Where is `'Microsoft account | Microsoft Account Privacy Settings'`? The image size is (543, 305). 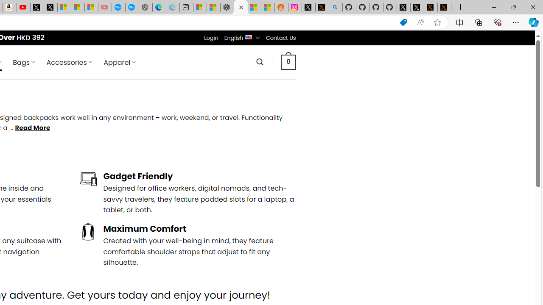 'Microsoft account | Microsoft Account Privacy Settings' is located at coordinates (199, 7).